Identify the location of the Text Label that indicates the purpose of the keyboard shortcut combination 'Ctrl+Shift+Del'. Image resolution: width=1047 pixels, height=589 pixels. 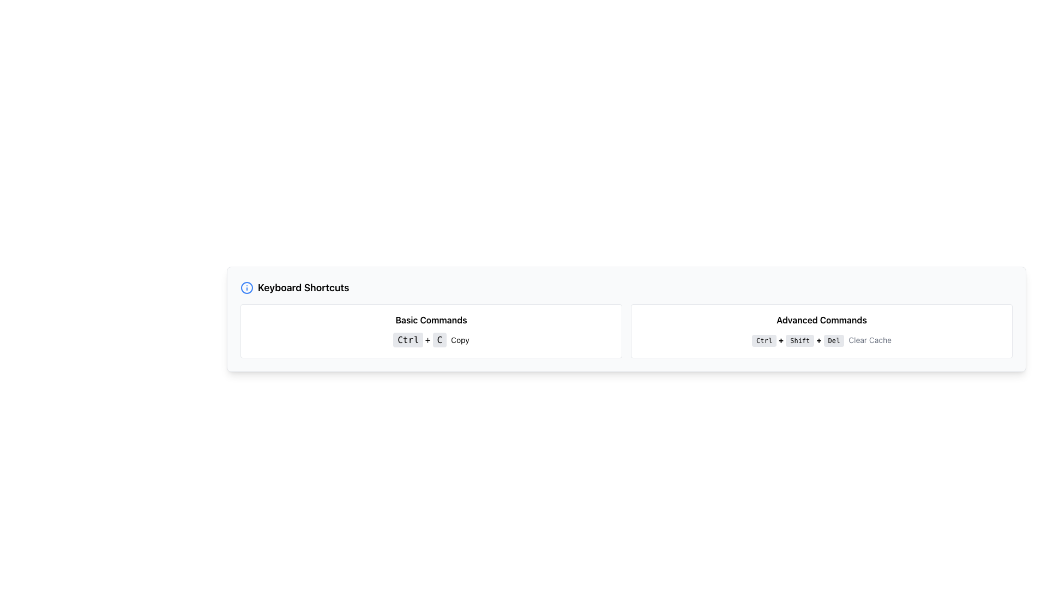
(869, 339).